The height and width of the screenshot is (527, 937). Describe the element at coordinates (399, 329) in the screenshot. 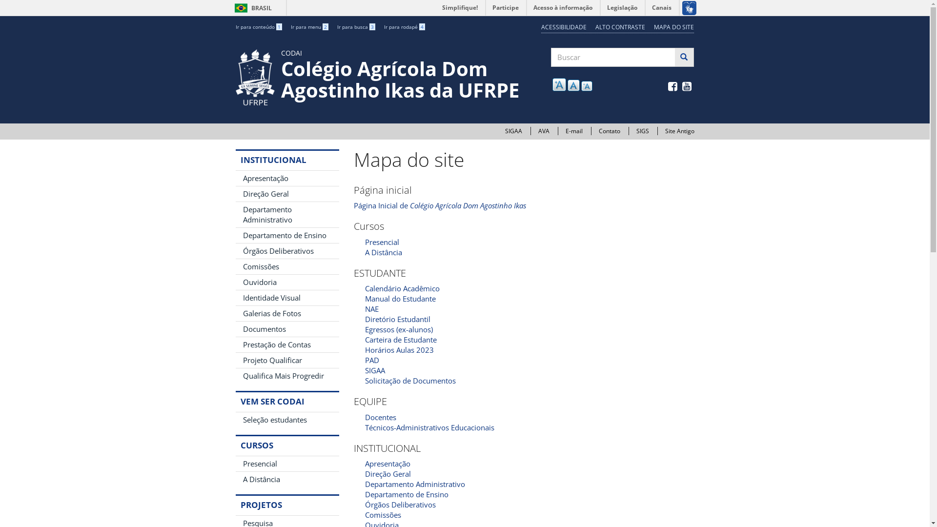

I see `'Egressos (ex-alunos)'` at that location.